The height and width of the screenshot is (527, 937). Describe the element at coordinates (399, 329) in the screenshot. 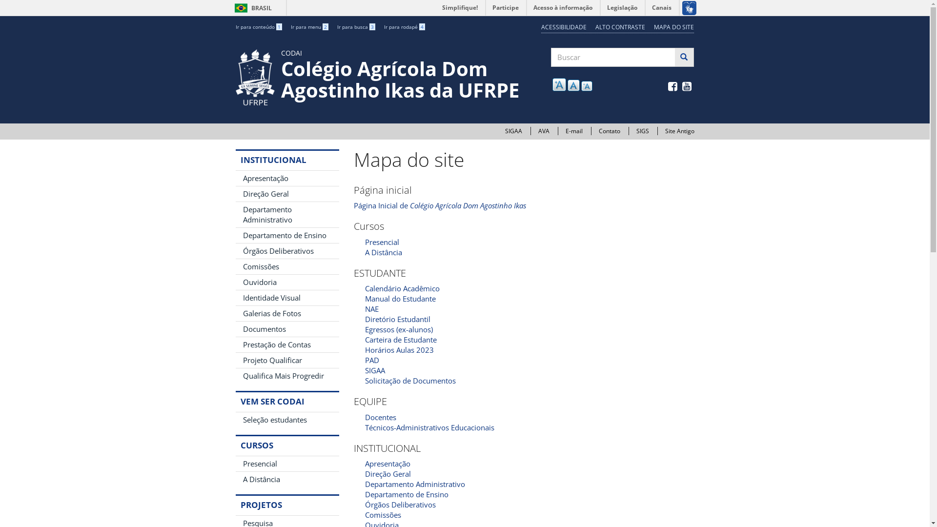

I see `'Egressos (ex-alunos)'` at that location.